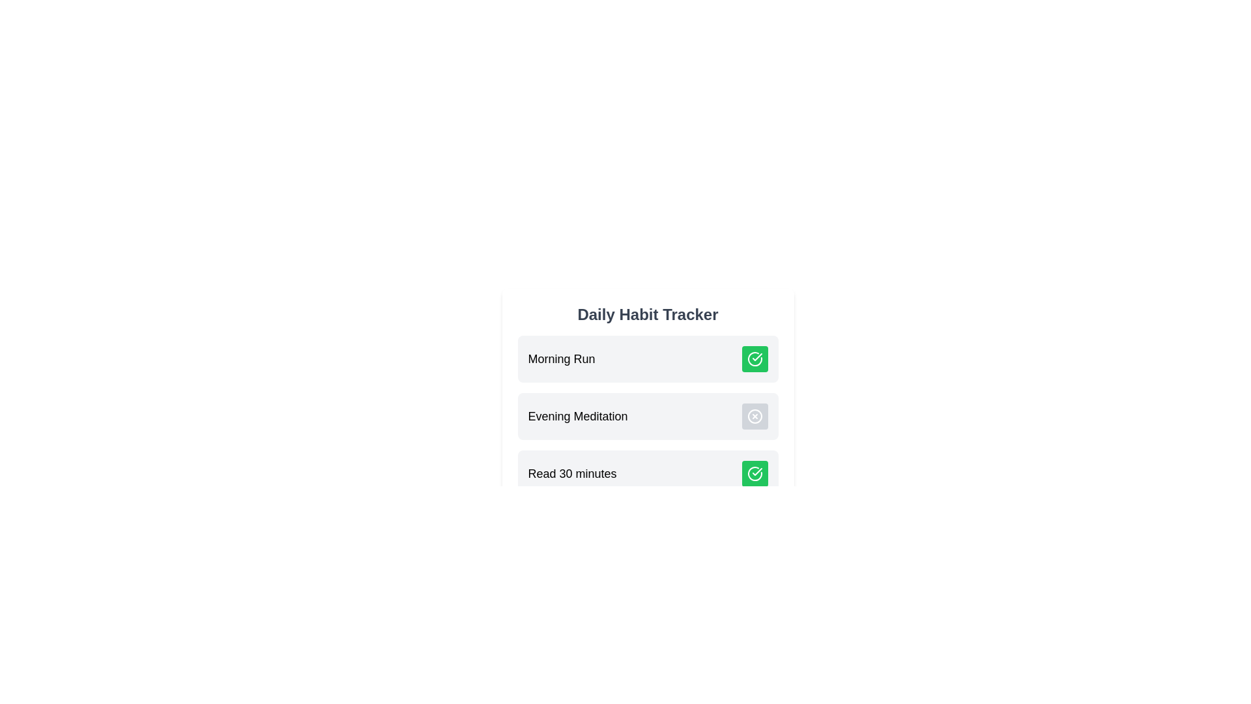 The image size is (1251, 704). What do you see at coordinates (648, 400) in the screenshot?
I see `the daily habit tracker panel` at bounding box center [648, 400].